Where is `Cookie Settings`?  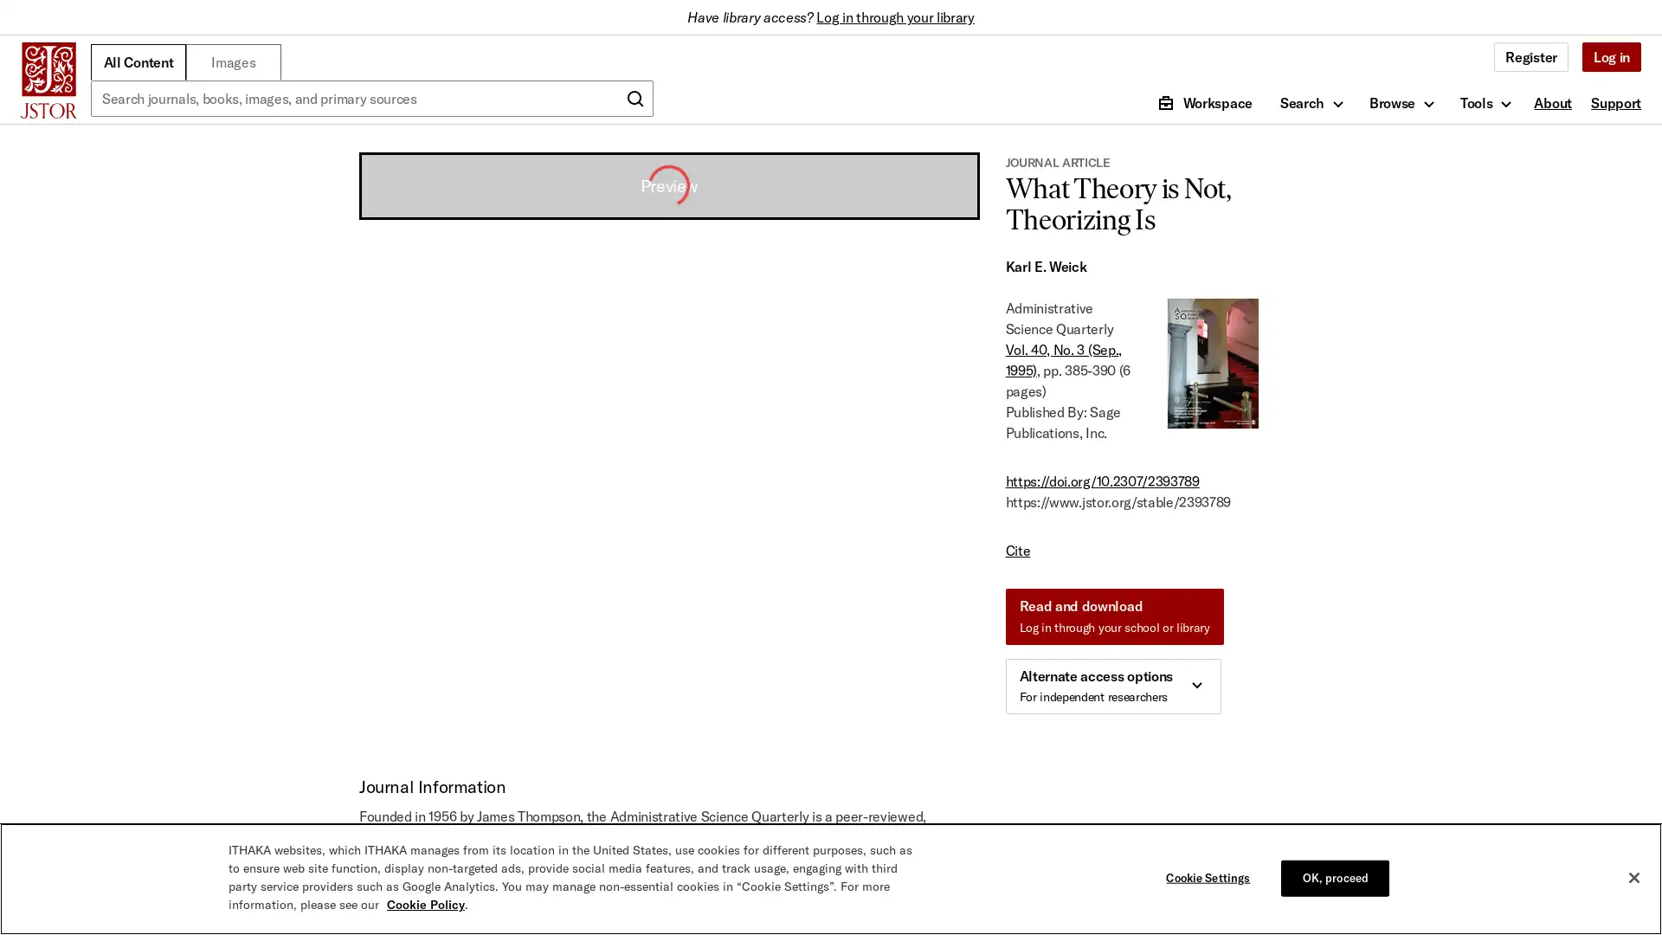 Cookie Settings is located at coordinates (1211, 878).